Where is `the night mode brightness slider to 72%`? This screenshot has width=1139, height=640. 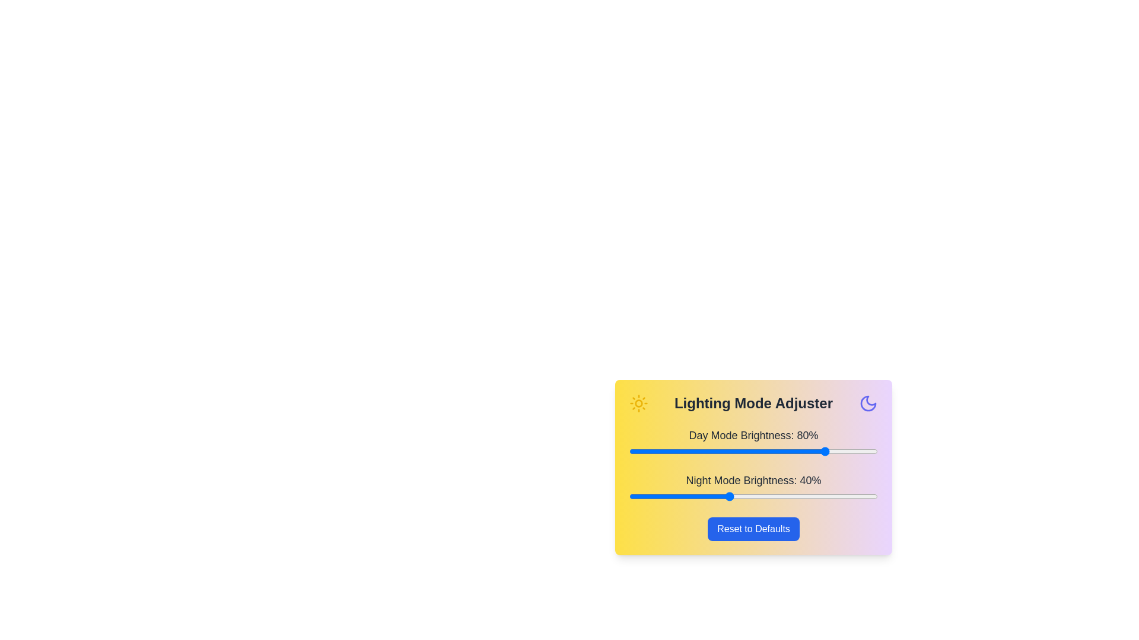 the night mode brightness slider to 72% is located at coordinates (807, 496).